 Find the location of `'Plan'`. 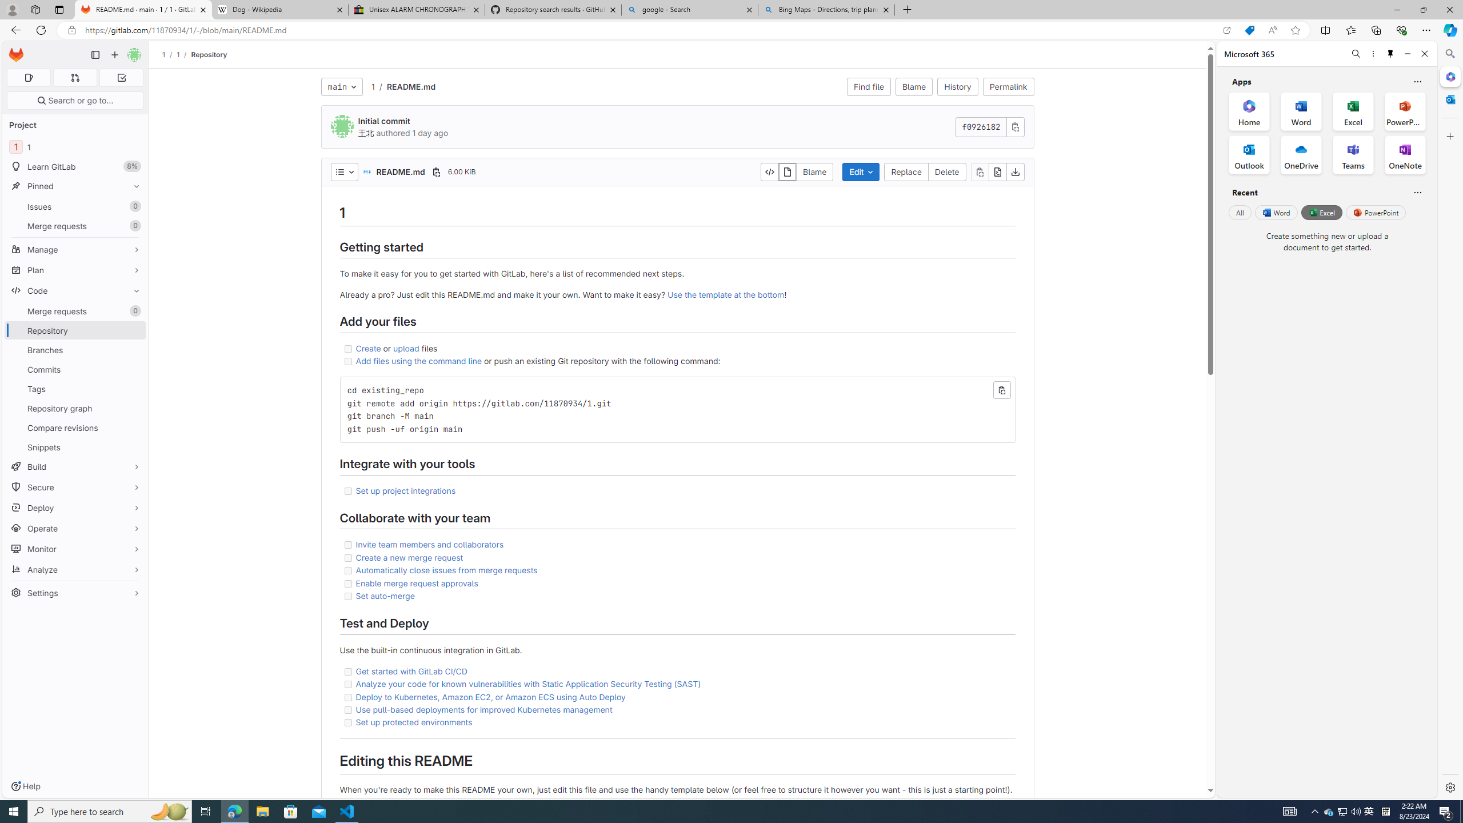

'Plan' is located at coordinates (74, 270).